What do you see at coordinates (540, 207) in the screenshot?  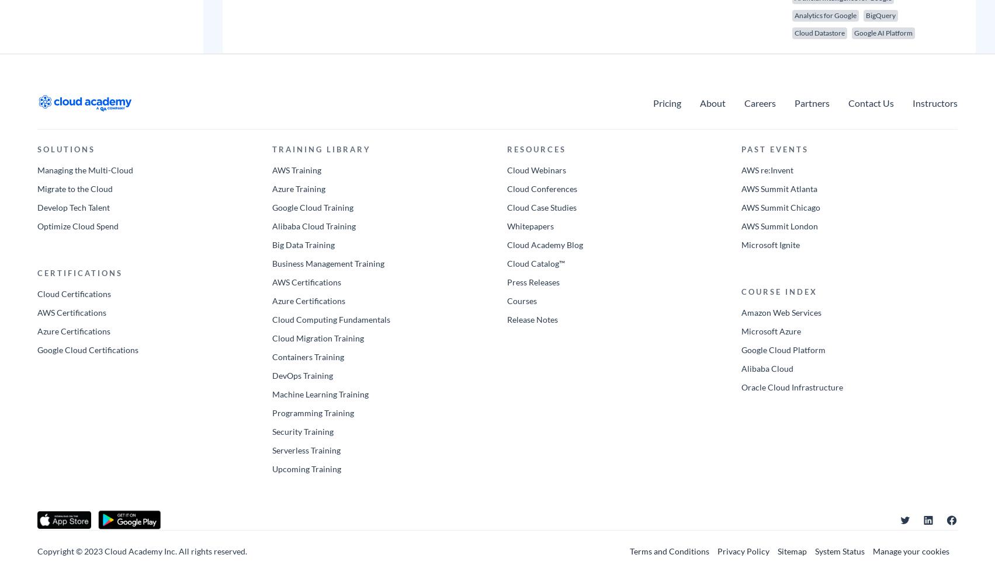 I see `'Cloud Case Studies'` at bounding box center [540, 207].